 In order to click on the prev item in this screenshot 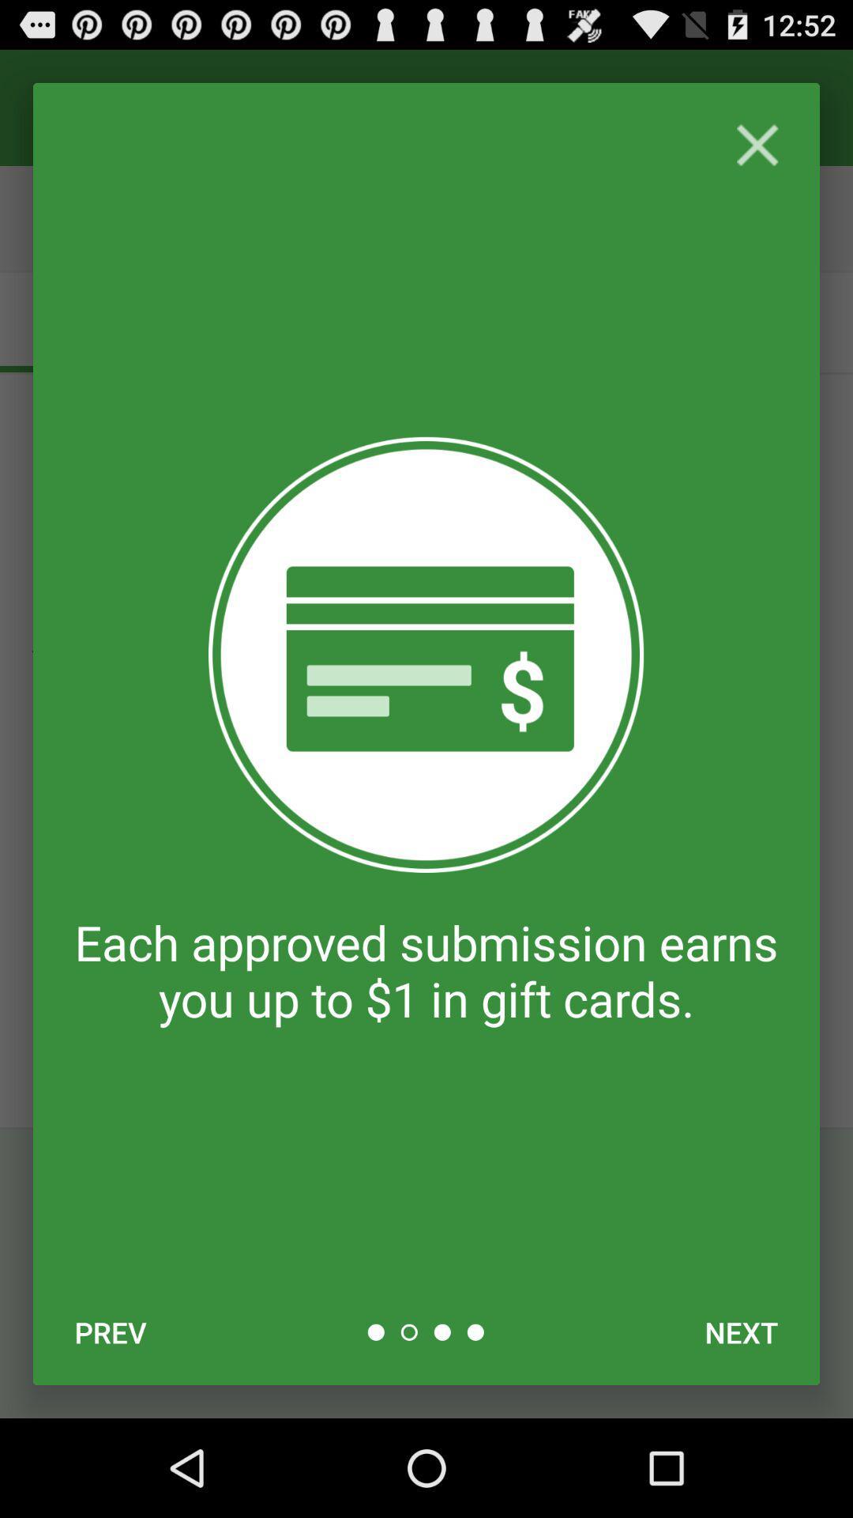, I will do `click(110, 1331)`.